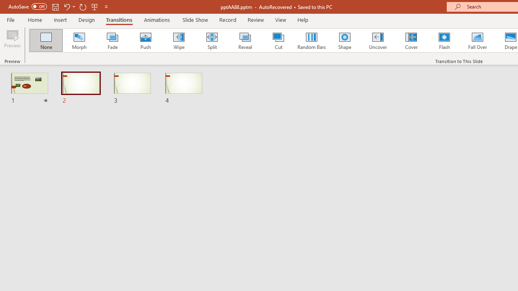 This screenshot has width=518, height=291. What do you see at coordinates (112, 40) in the screenshot?
I see `'Fade'` at bounding box center [112, 40].